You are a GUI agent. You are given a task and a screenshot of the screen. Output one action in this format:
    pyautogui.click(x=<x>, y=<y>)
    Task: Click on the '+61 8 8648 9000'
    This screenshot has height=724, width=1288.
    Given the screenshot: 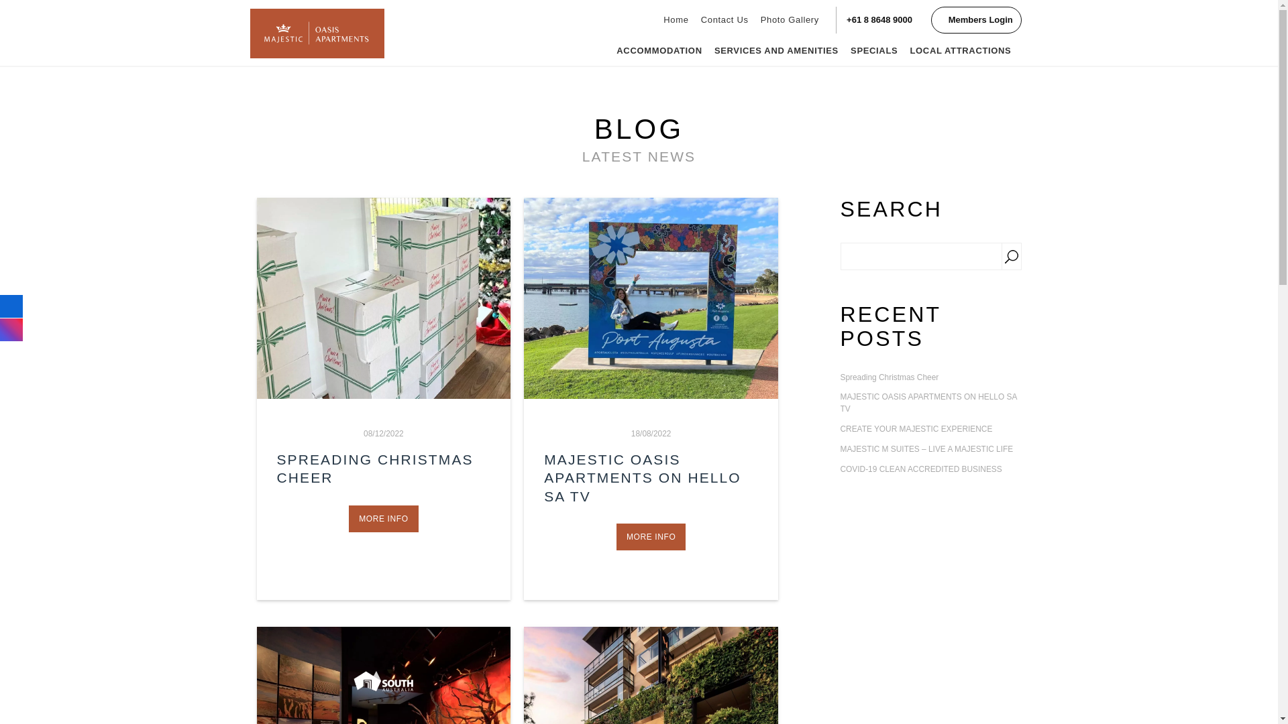 What is the action you would take?
    pyautogui.click(x=879, y=20)
    